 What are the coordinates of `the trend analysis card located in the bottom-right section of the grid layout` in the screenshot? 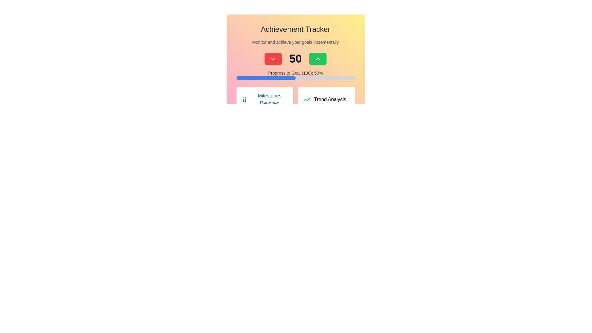 It's located at (326, 99).